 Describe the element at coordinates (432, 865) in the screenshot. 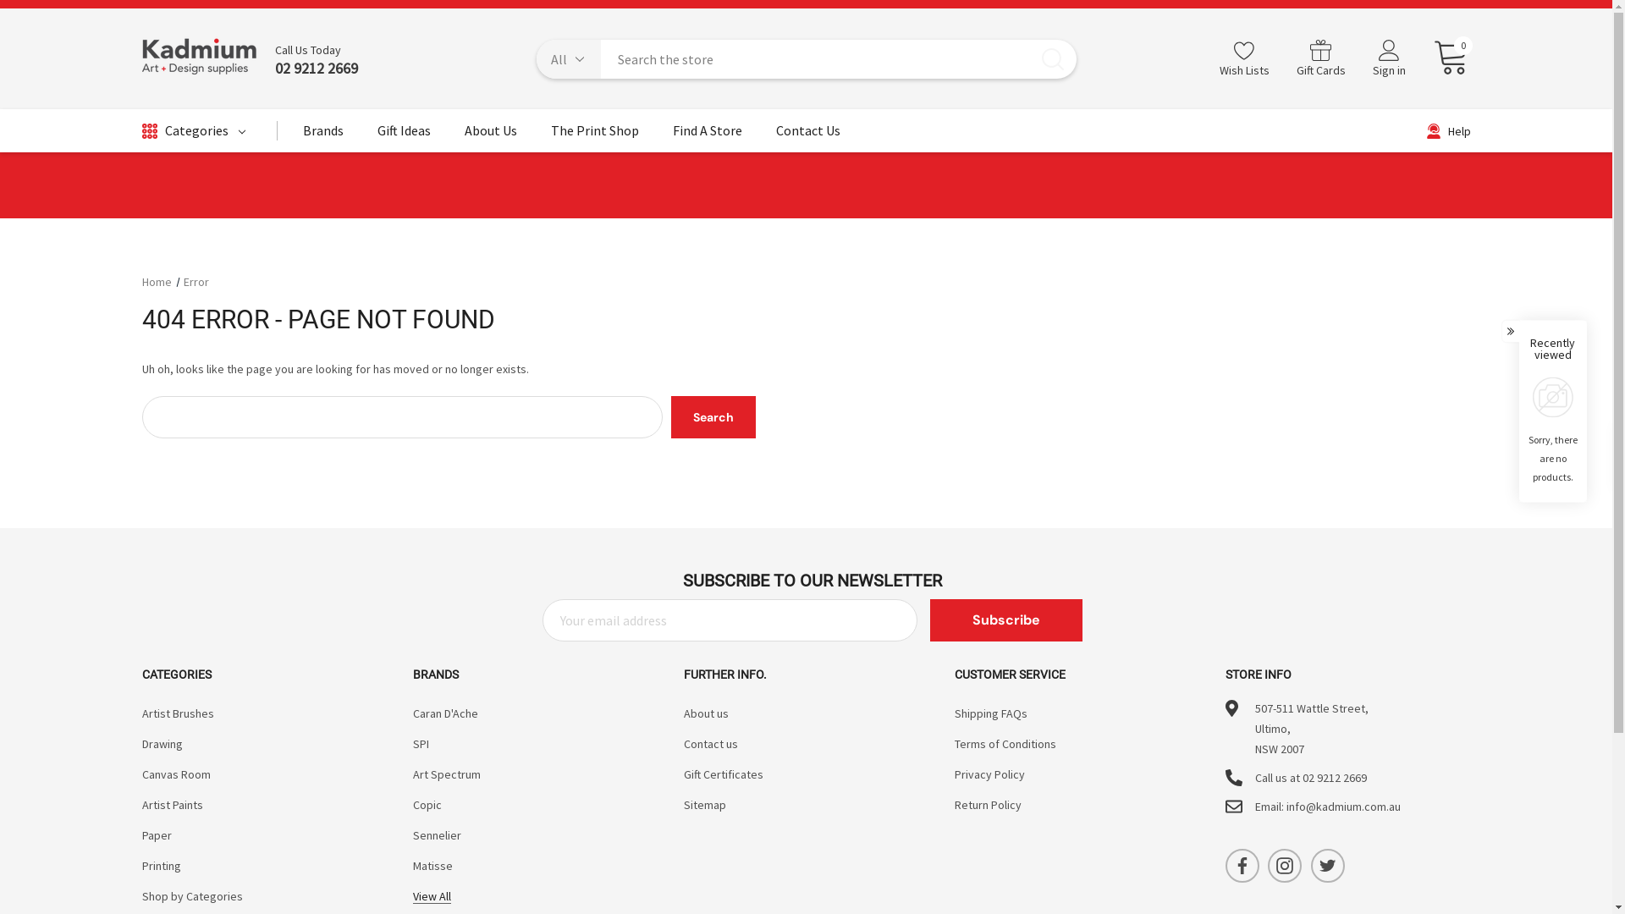

I see `'Matisse'` at that location.